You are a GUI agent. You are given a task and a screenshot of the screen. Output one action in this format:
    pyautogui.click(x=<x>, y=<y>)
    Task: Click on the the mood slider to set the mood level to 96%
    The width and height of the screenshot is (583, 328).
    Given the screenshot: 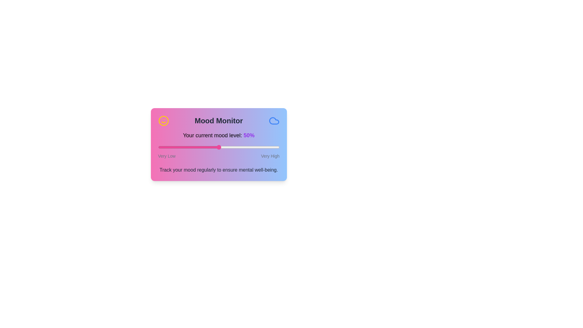 What is the action you would take?
    pyautogui.click(x=274, y=147)
    